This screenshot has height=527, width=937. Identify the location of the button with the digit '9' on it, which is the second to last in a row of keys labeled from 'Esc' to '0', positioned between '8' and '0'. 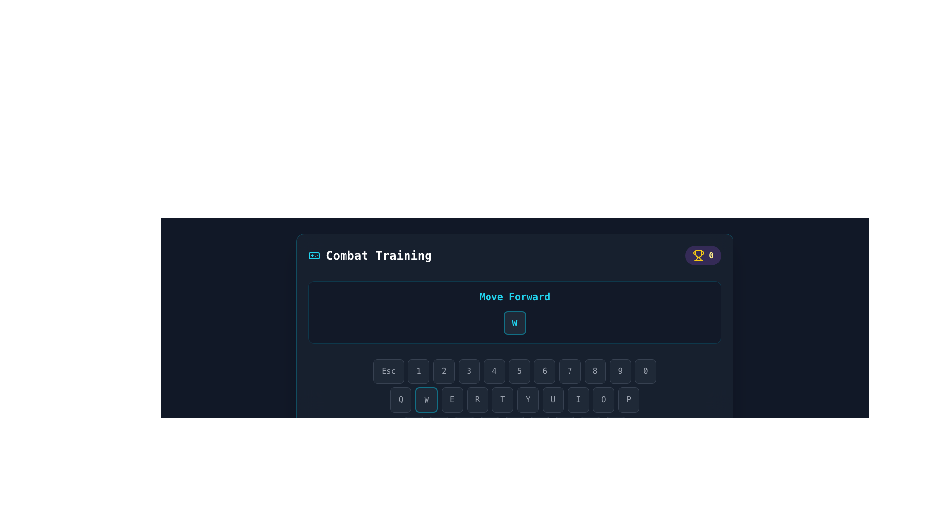
(620, 371).